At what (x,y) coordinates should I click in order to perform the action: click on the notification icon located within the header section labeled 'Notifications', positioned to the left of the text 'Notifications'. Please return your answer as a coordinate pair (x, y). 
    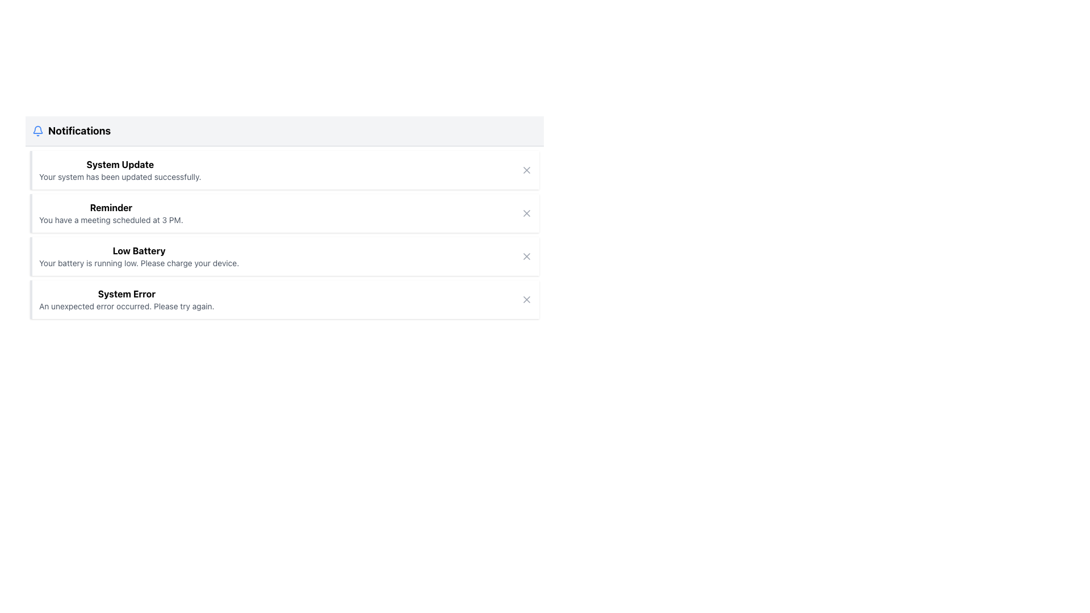
    Looking at the image, I should click on (38, 131).